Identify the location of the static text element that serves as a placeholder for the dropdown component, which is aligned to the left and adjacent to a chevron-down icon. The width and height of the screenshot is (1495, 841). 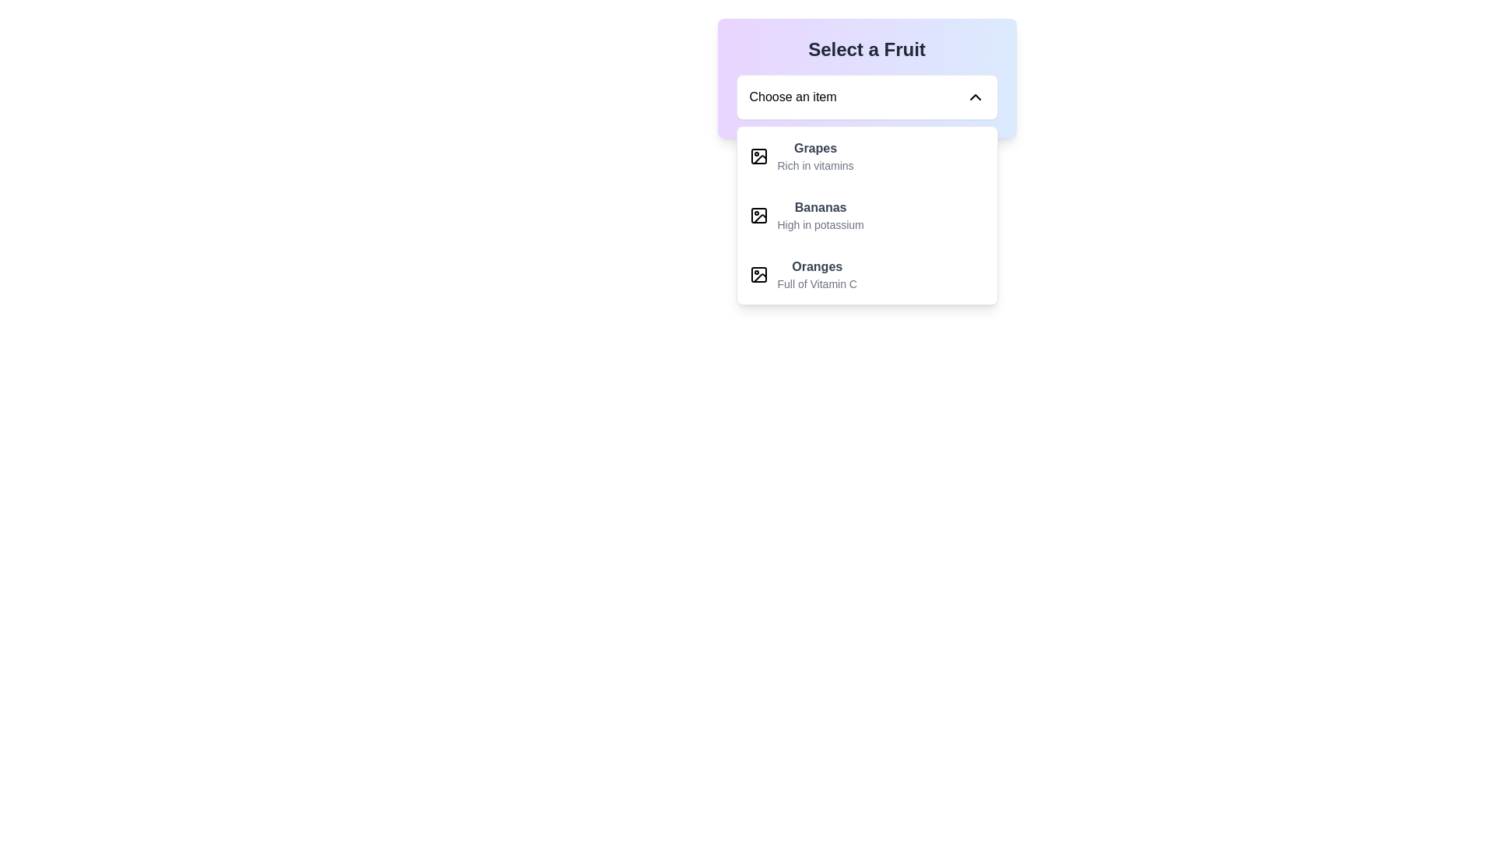
(793, 97).